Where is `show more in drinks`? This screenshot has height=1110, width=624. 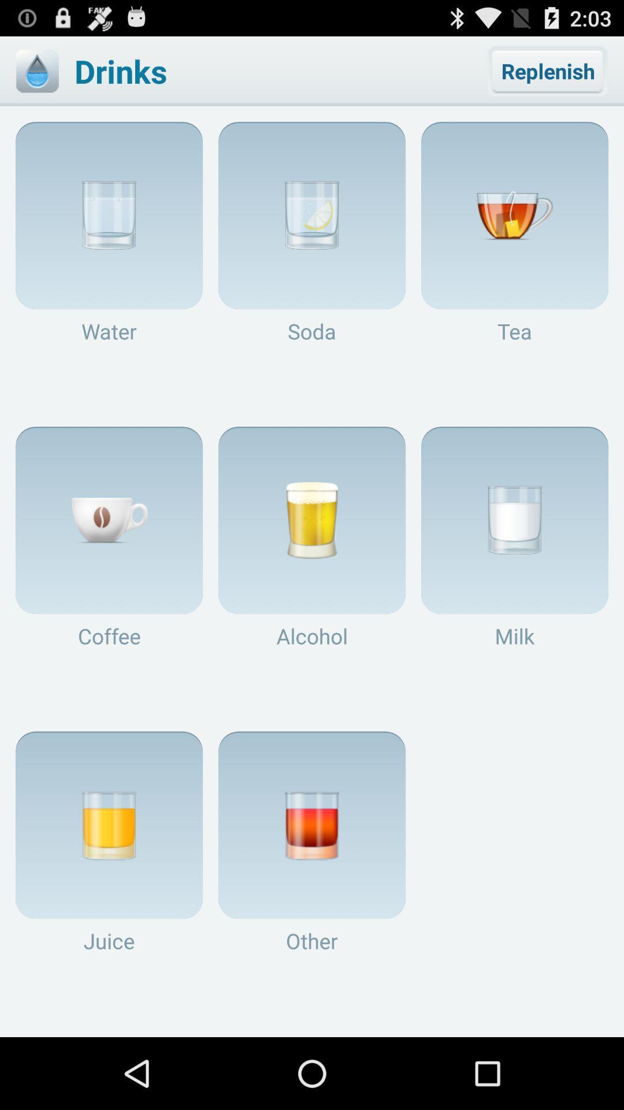
show more in drinks is located at coordinates (36, 71).